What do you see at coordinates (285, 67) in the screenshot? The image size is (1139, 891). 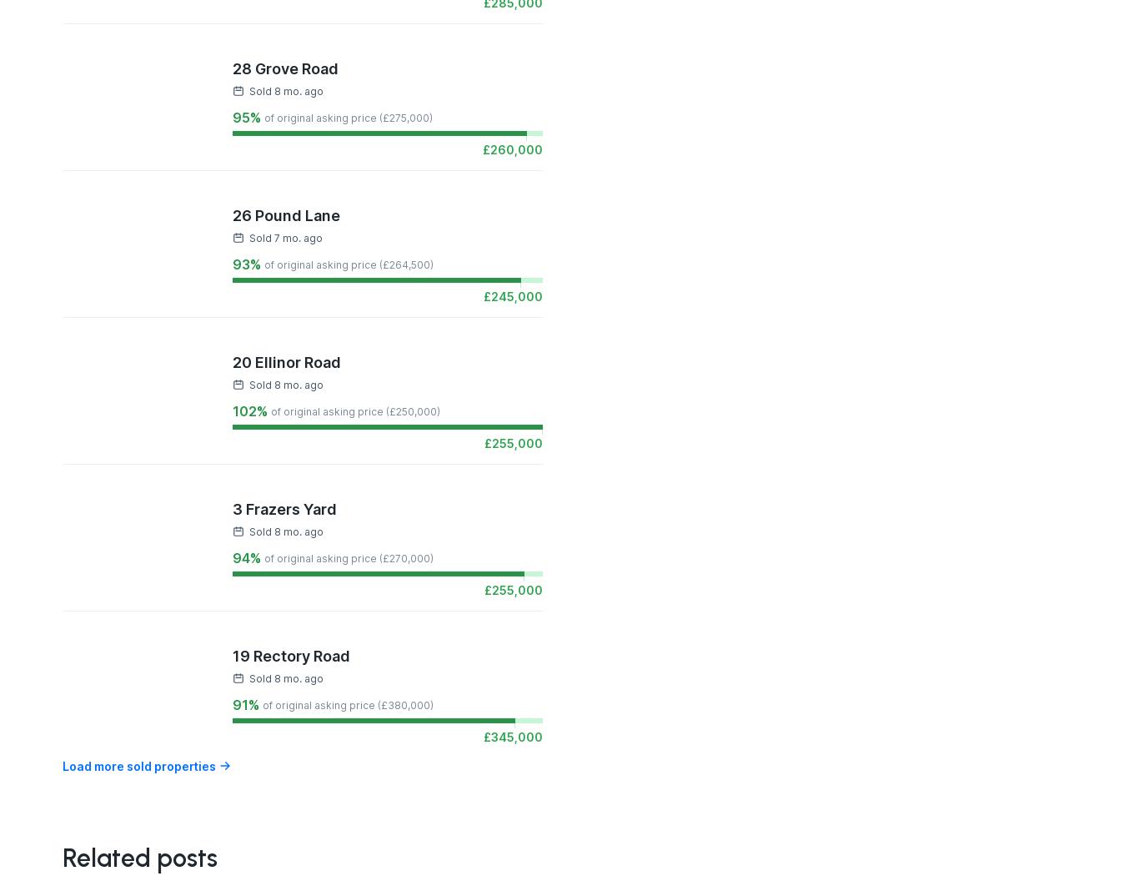 I see `'28 Grove Road'` at bounding box center [285, 67].